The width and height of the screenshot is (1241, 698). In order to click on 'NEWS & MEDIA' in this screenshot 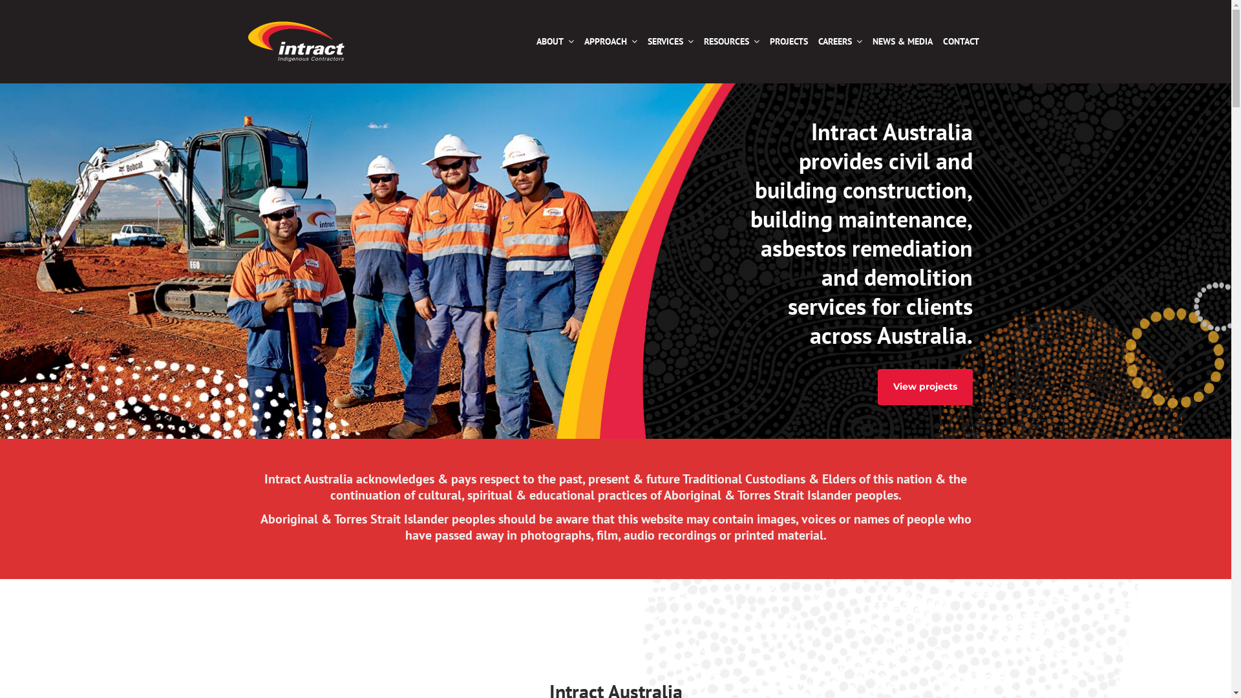, I will do `click(902, 41)`.